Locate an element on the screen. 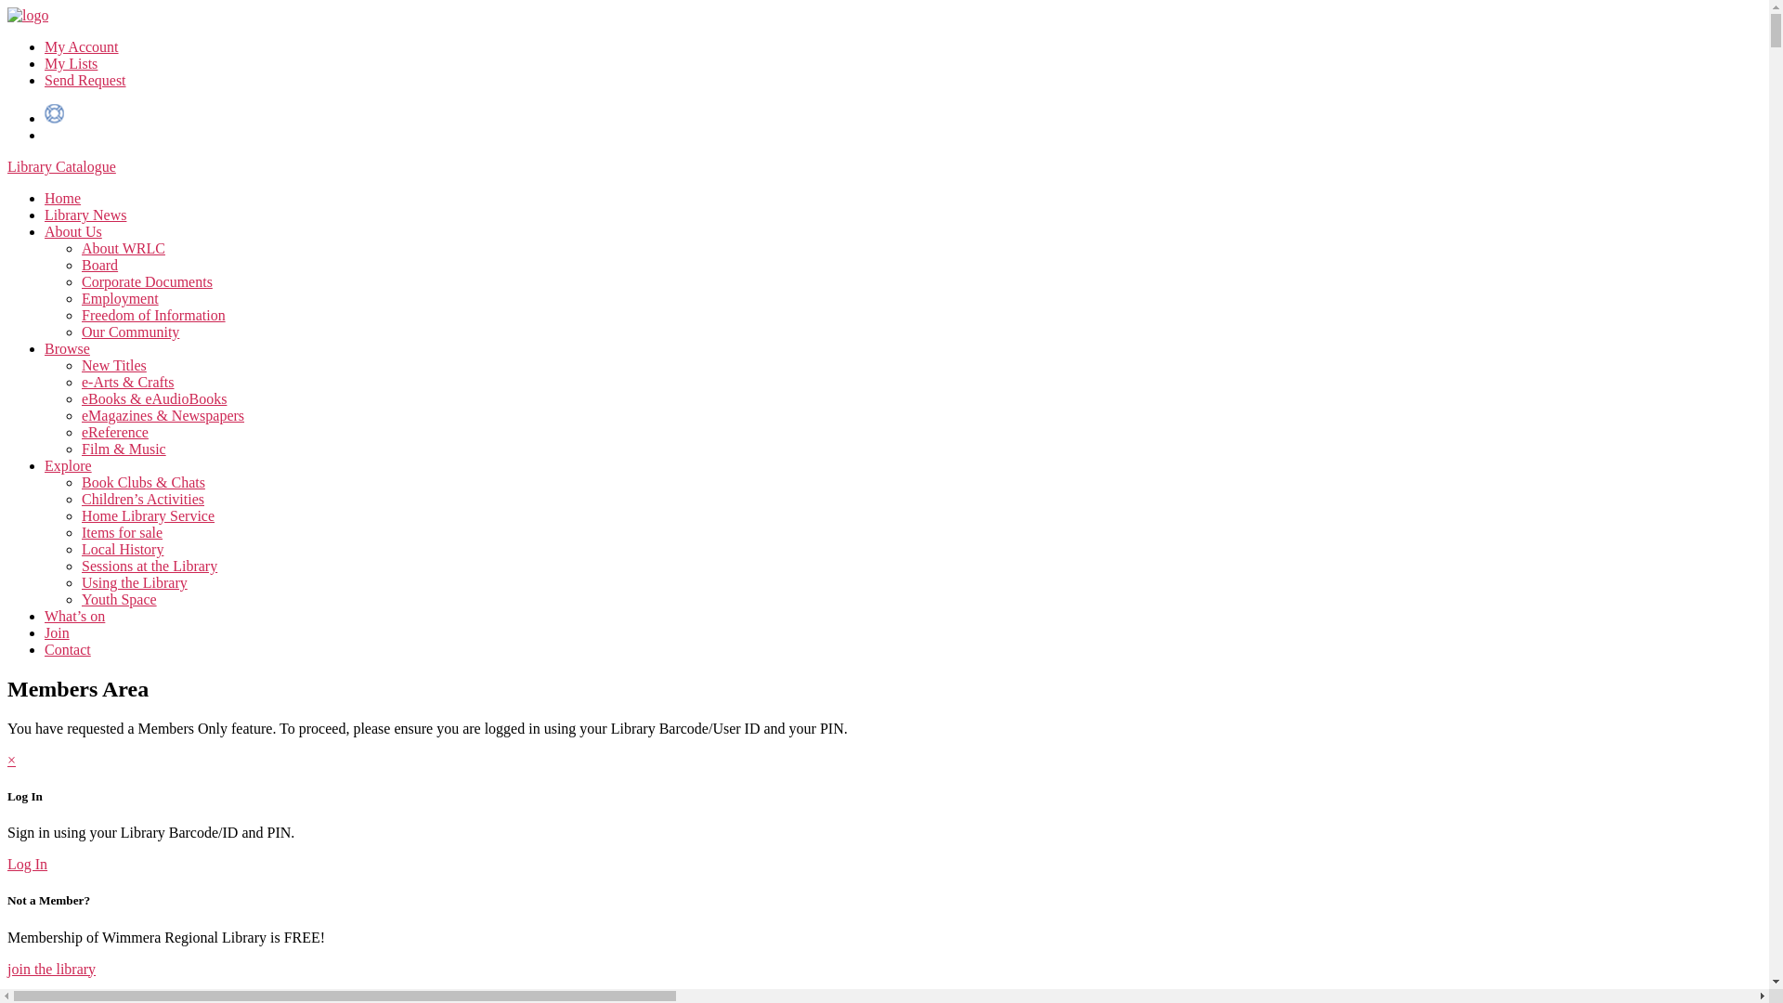  'Film & Music' is located at coordinates (123, 449).